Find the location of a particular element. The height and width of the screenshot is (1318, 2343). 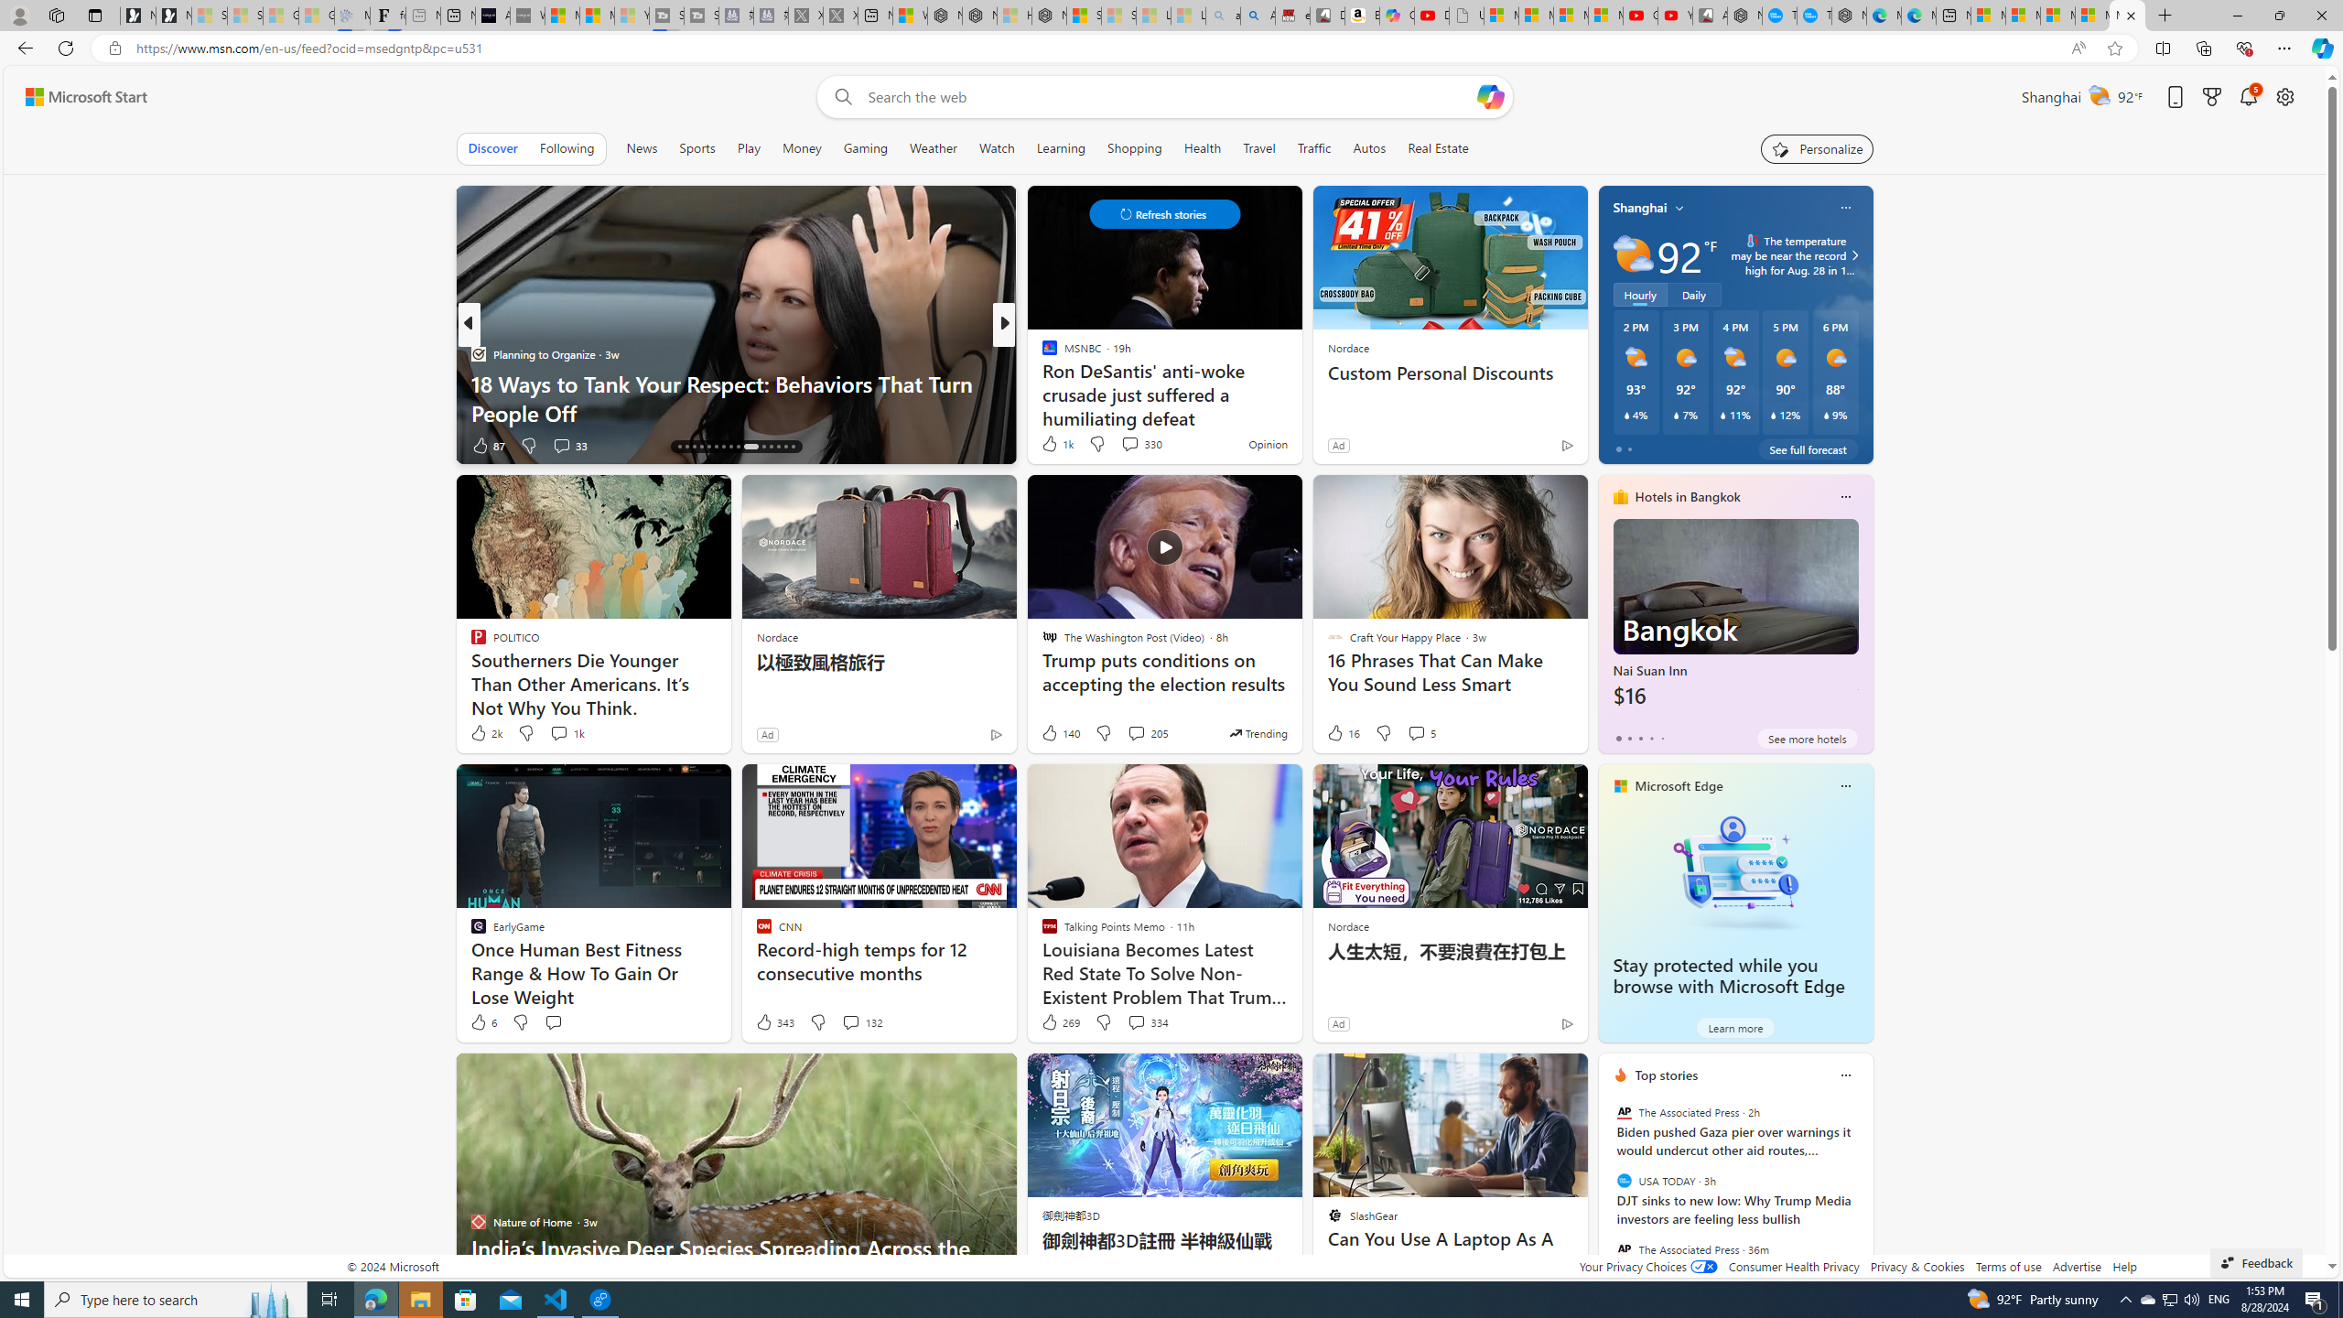

'269 Like' is located at coordinates (1059, 1021).